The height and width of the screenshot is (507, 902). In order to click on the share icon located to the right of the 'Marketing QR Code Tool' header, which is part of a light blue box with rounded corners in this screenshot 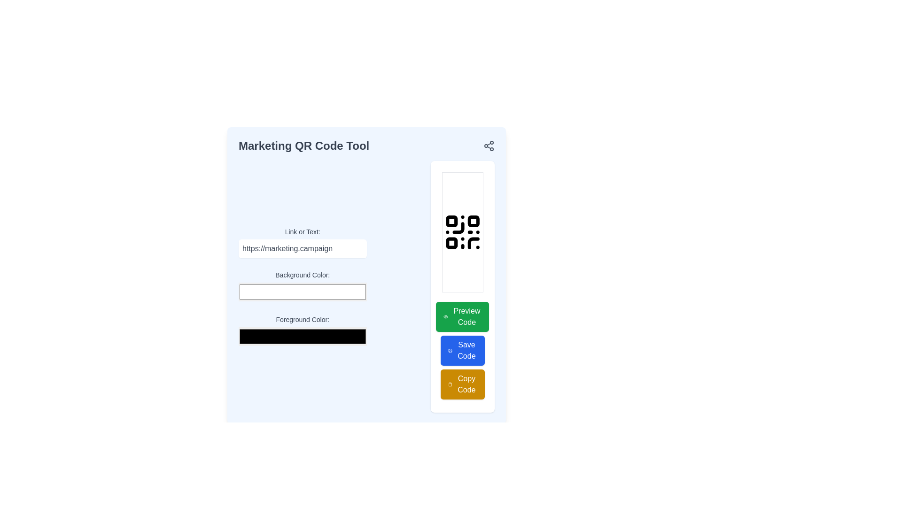, I will do `click(366, 146)`.